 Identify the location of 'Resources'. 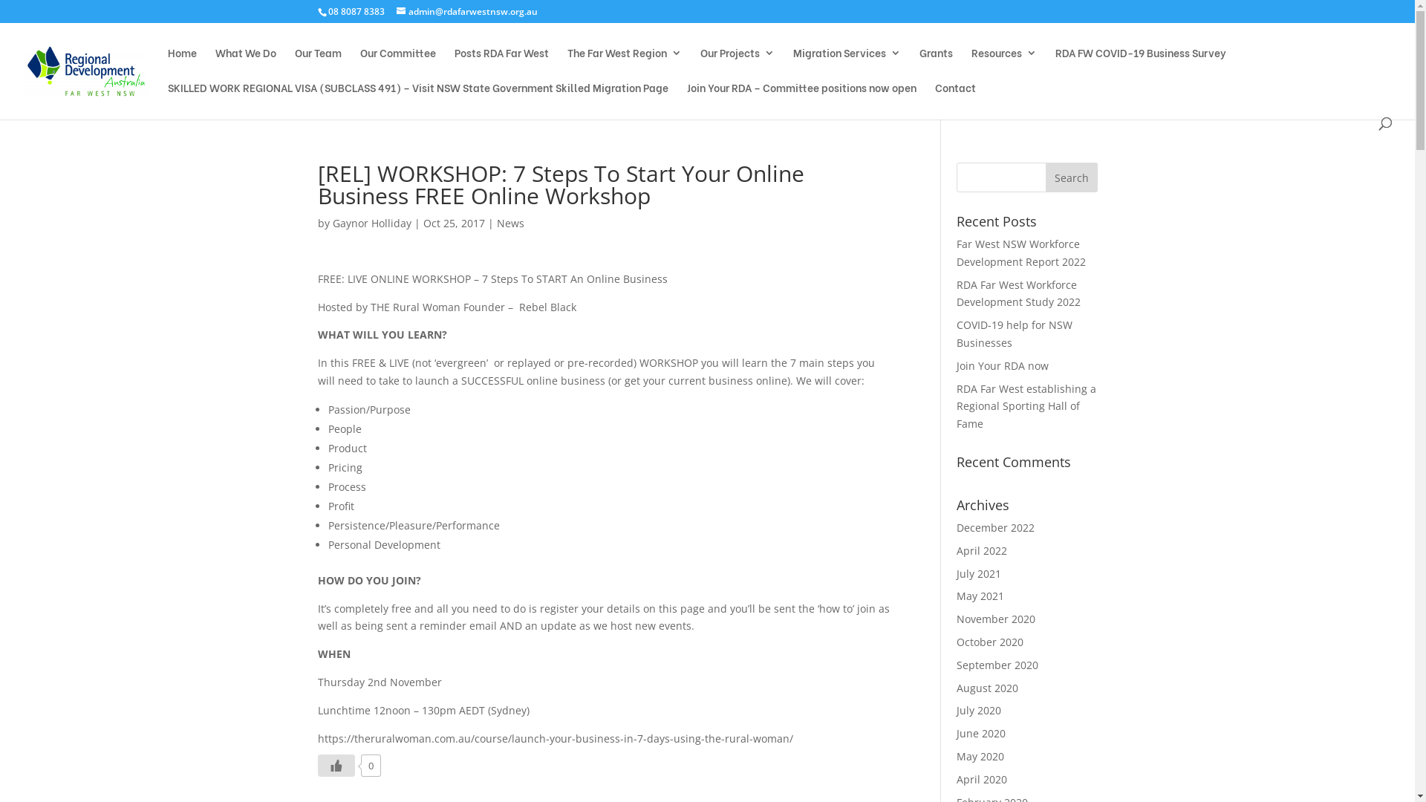
(971, 64).